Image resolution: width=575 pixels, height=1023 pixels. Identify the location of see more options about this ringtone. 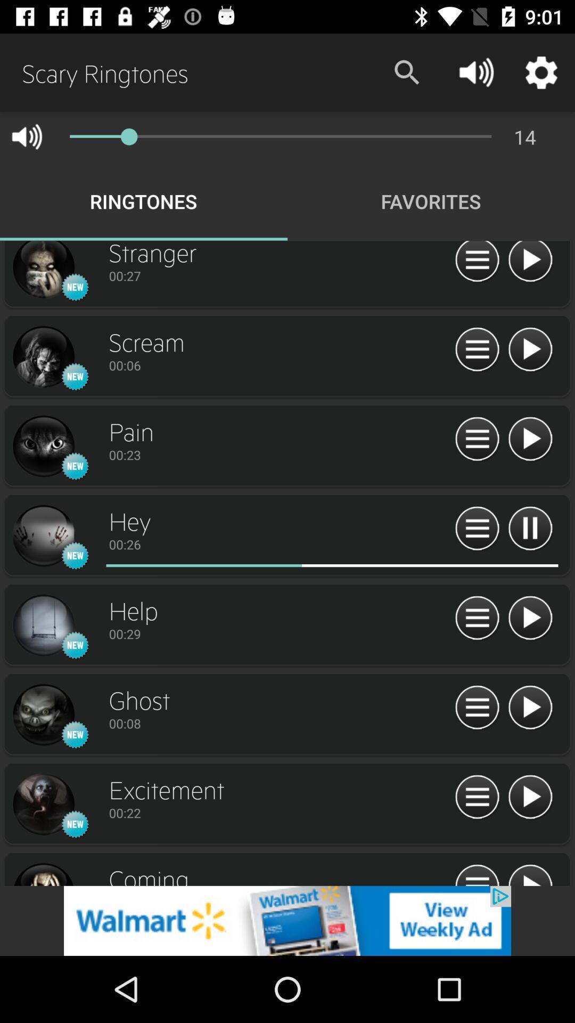
(43, 536).